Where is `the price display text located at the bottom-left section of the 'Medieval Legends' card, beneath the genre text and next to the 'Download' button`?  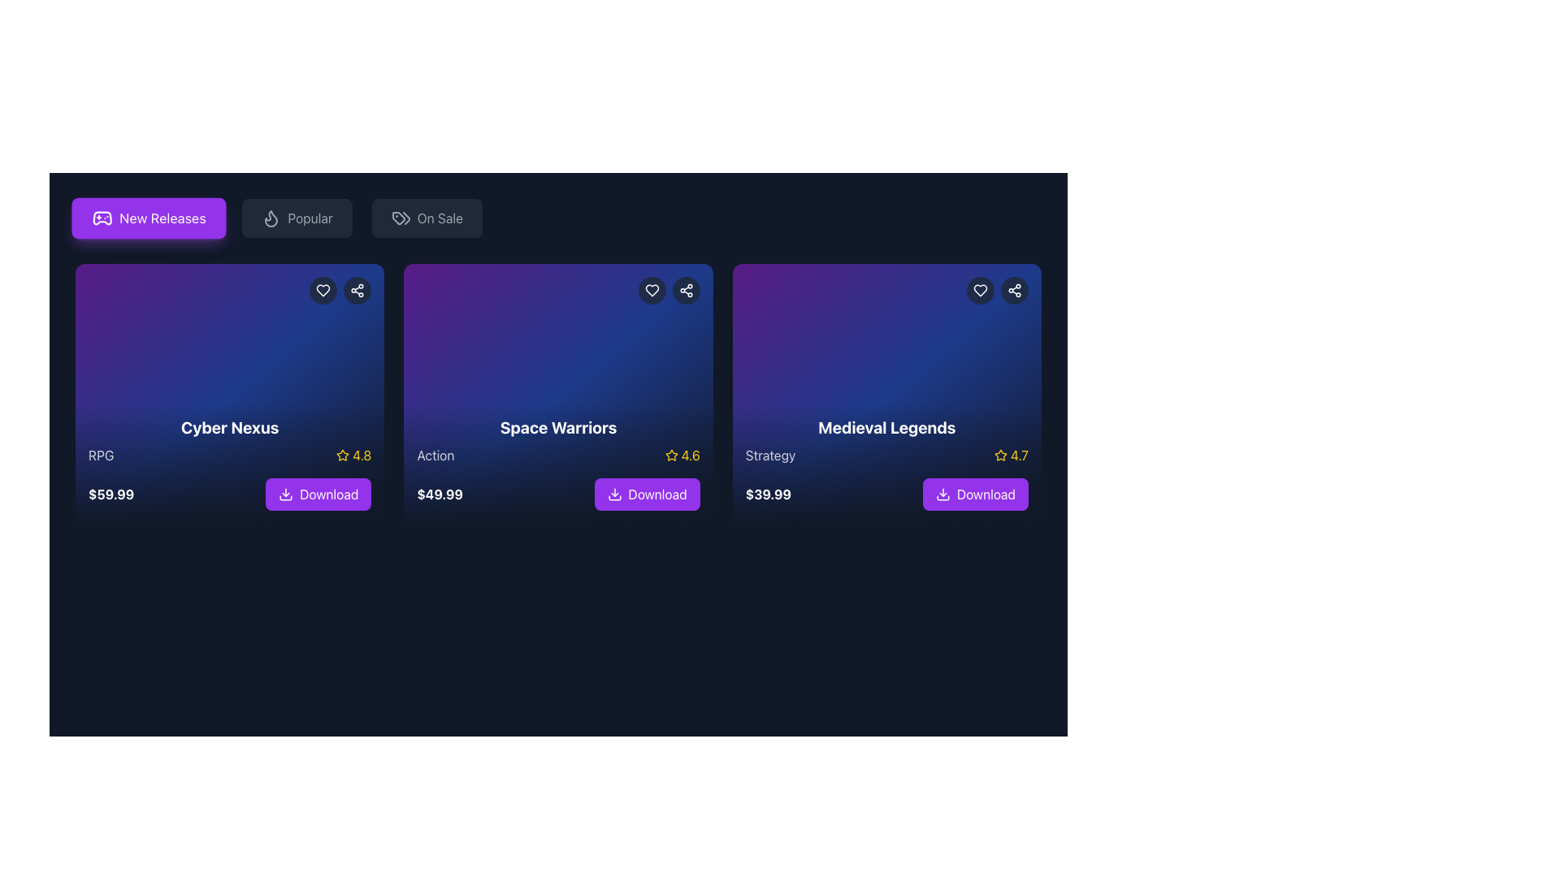
the price display text located at the bottom-left section of the 'Medieval Legends' card, beneath the genre text and next to the 'Download' button is located at coordinates (767, 494).